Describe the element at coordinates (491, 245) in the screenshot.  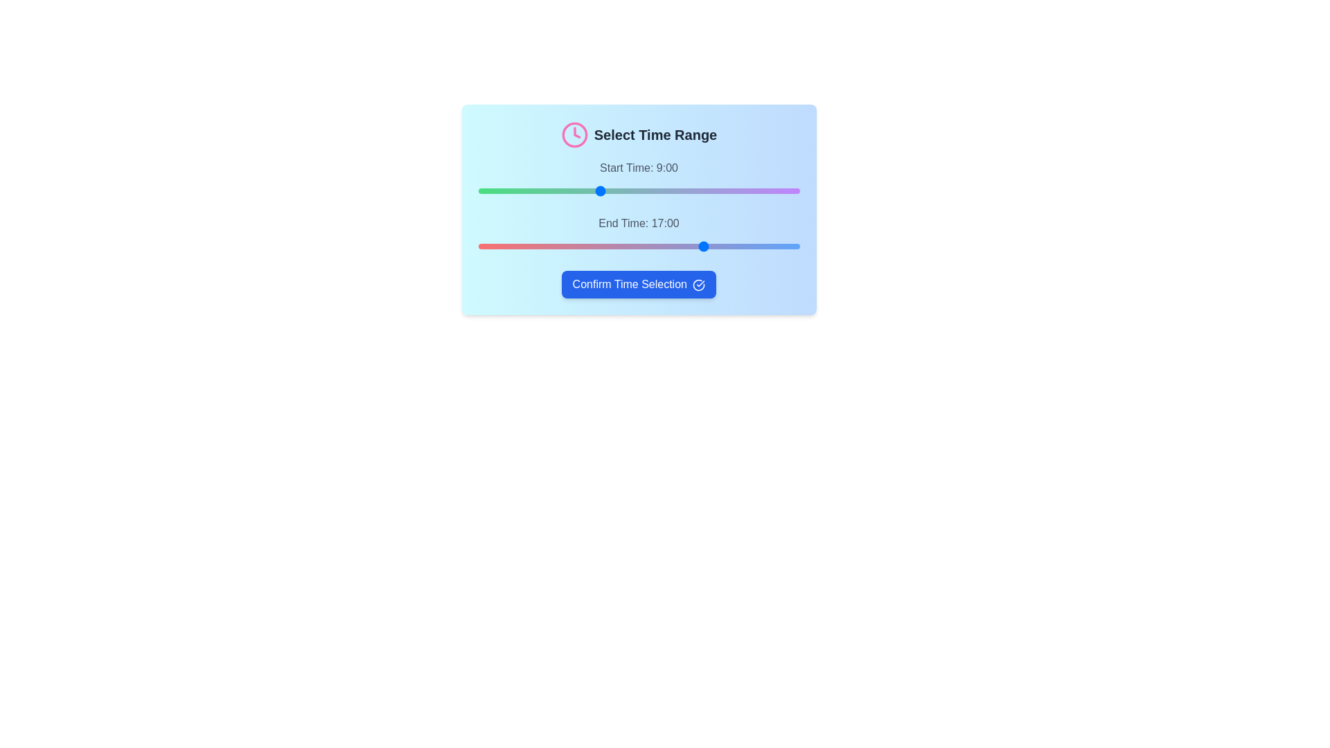
I see `the end time slider to 1 hours` at that location.